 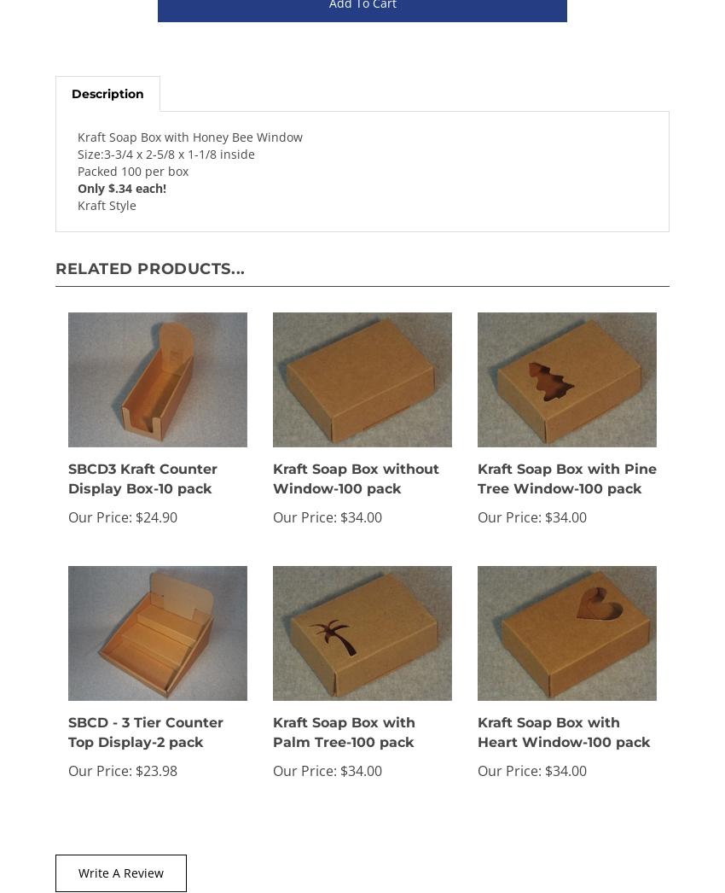 I want to click on 'Related Products...', so click(x=149, y=267).